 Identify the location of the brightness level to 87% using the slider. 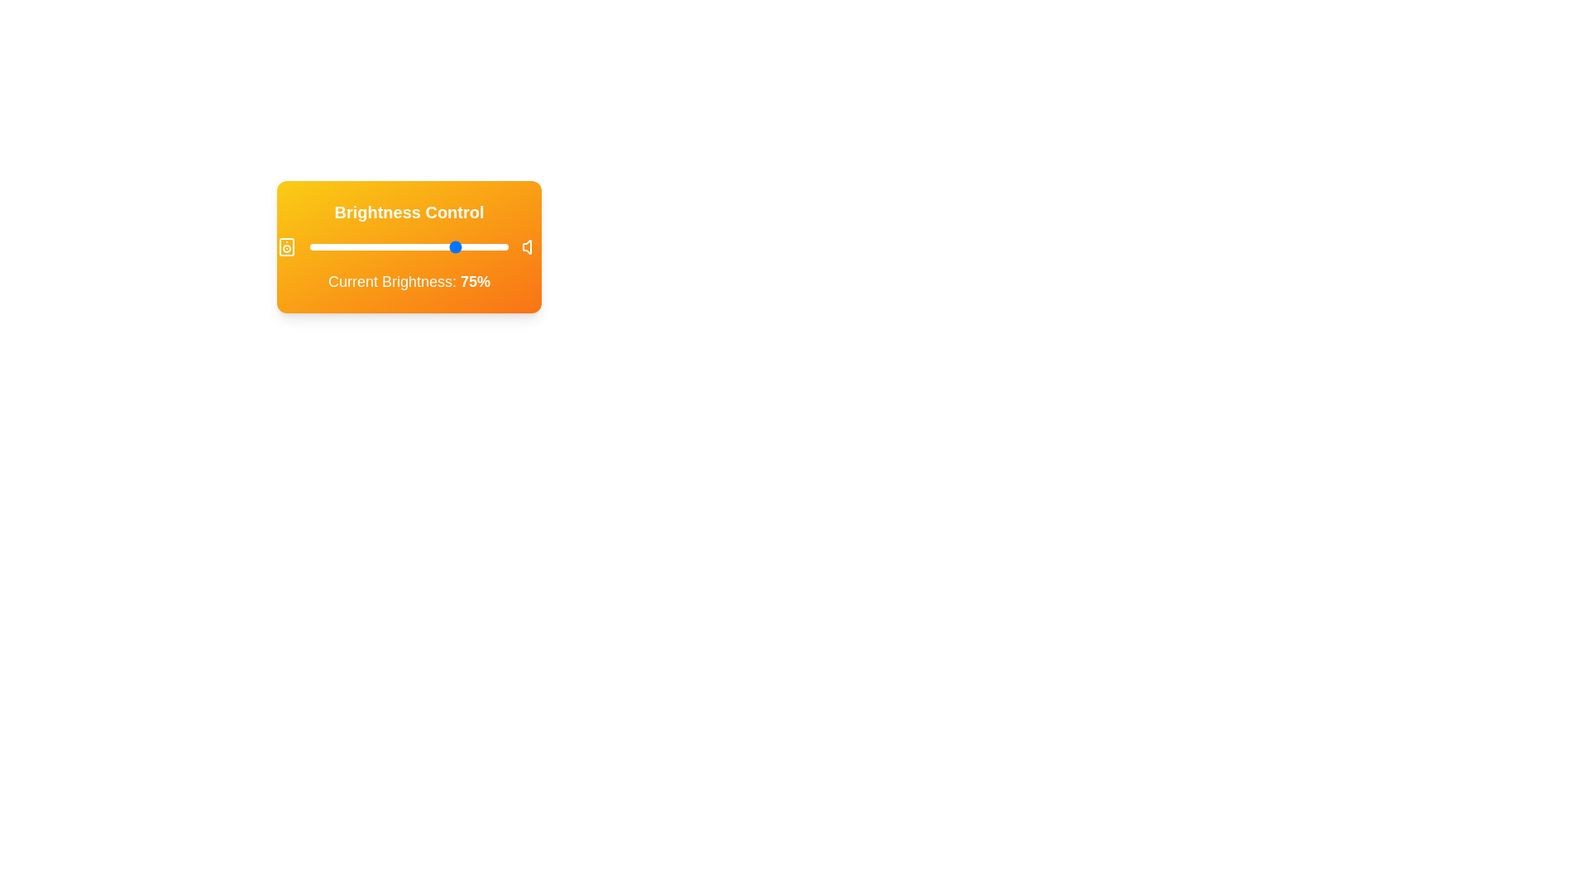
(481, 247).